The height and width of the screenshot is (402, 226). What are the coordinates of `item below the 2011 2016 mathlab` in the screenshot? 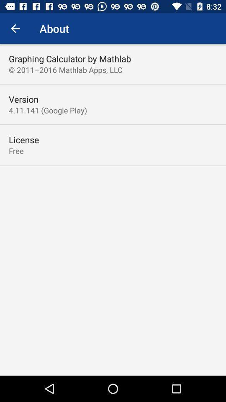 It's located at (23, 99).